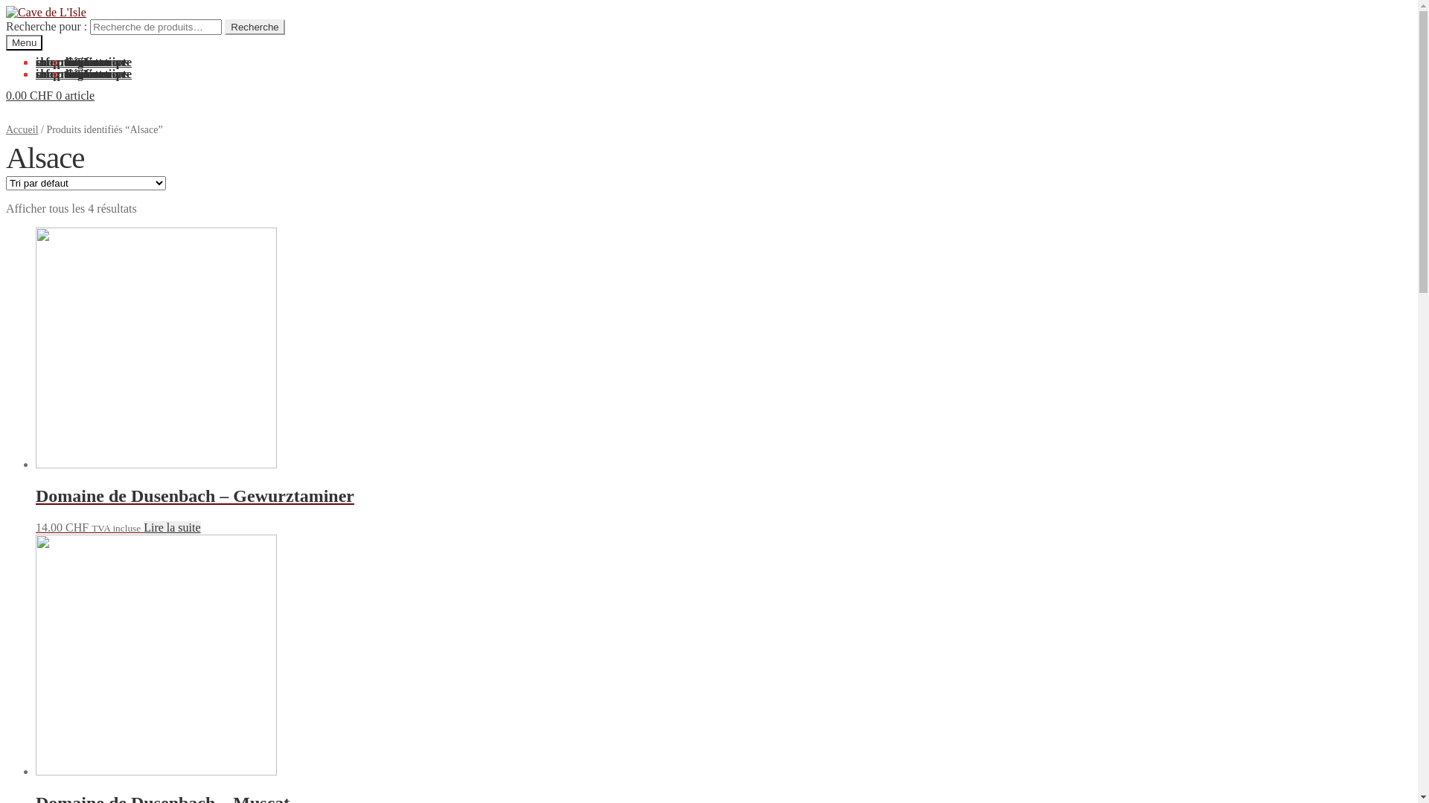 This screenshot has width=1429, height=803. I want to click on 'Accueil', so click(22, 129).